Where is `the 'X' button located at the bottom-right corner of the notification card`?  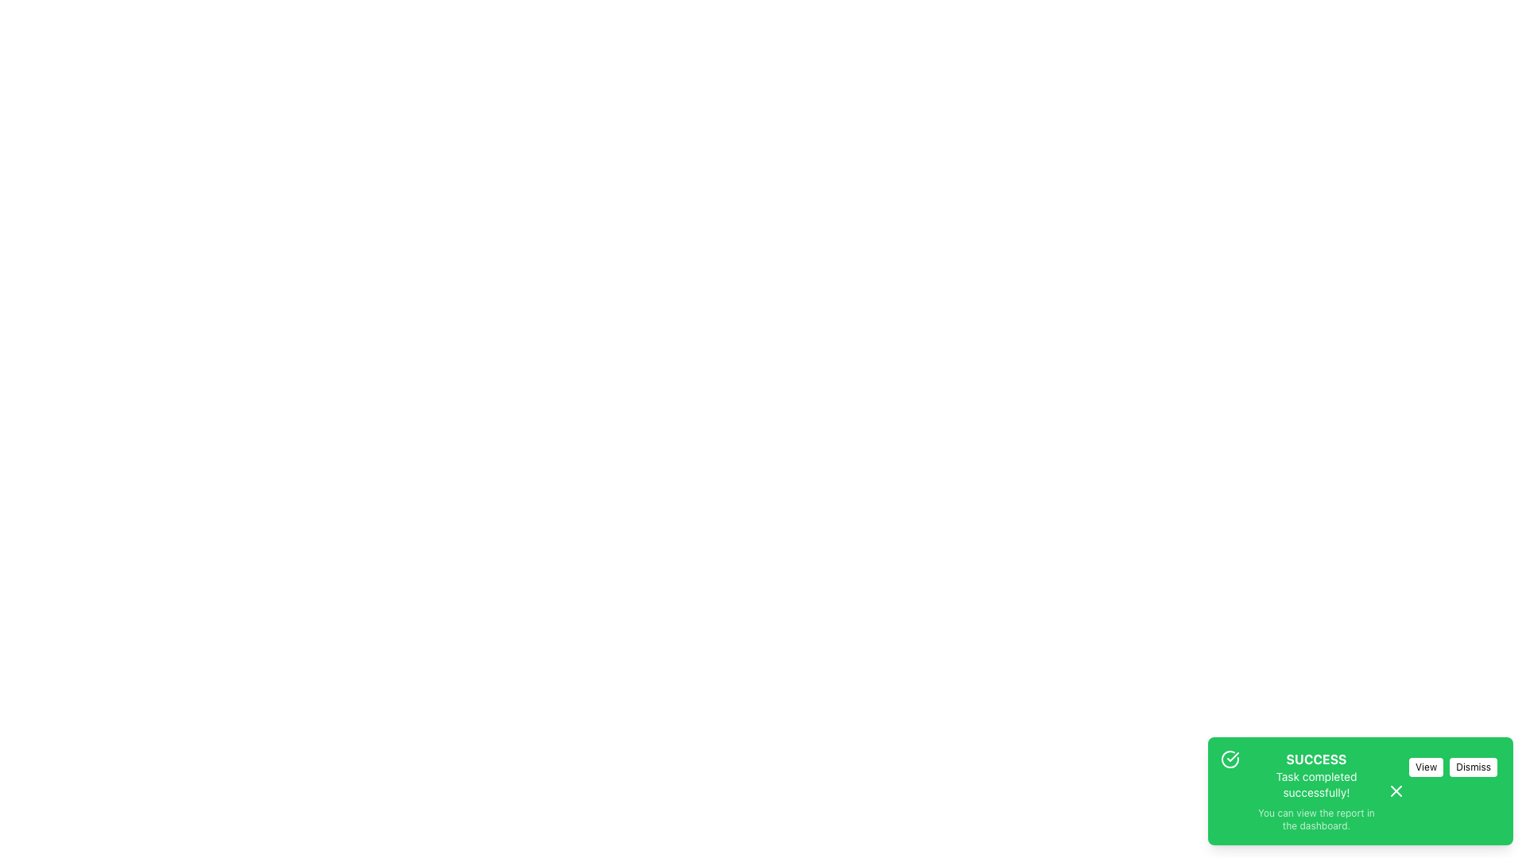
the 'X' button located at the bottom-right corner of the notification card is located at coordinates (1395, 790).